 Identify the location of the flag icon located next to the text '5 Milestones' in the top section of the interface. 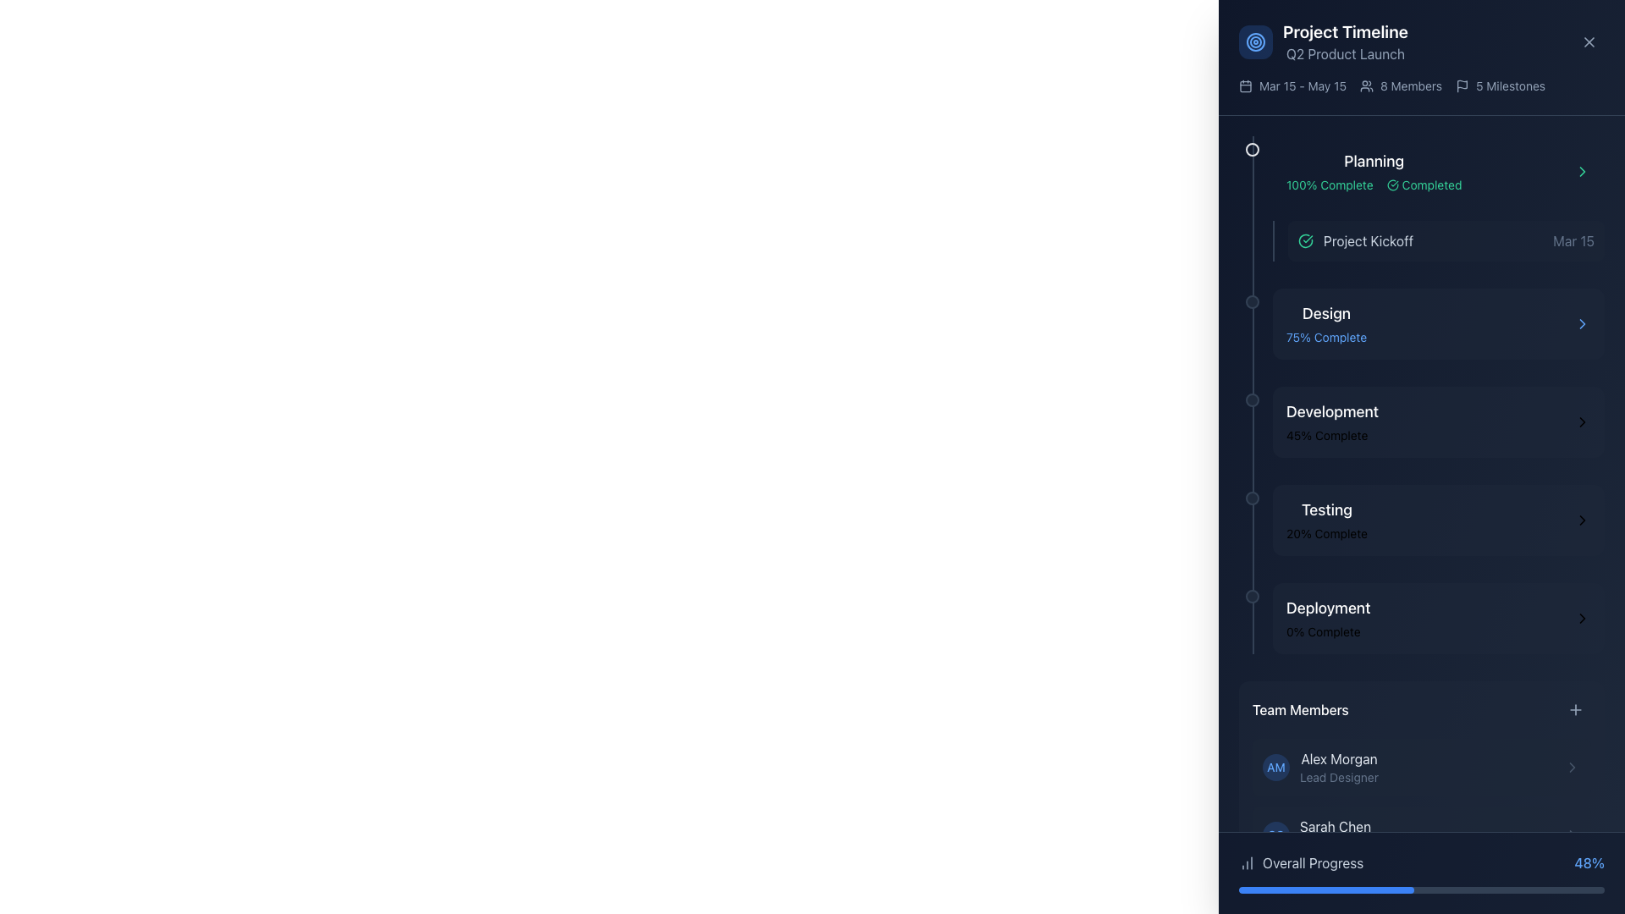
(1462, 85).